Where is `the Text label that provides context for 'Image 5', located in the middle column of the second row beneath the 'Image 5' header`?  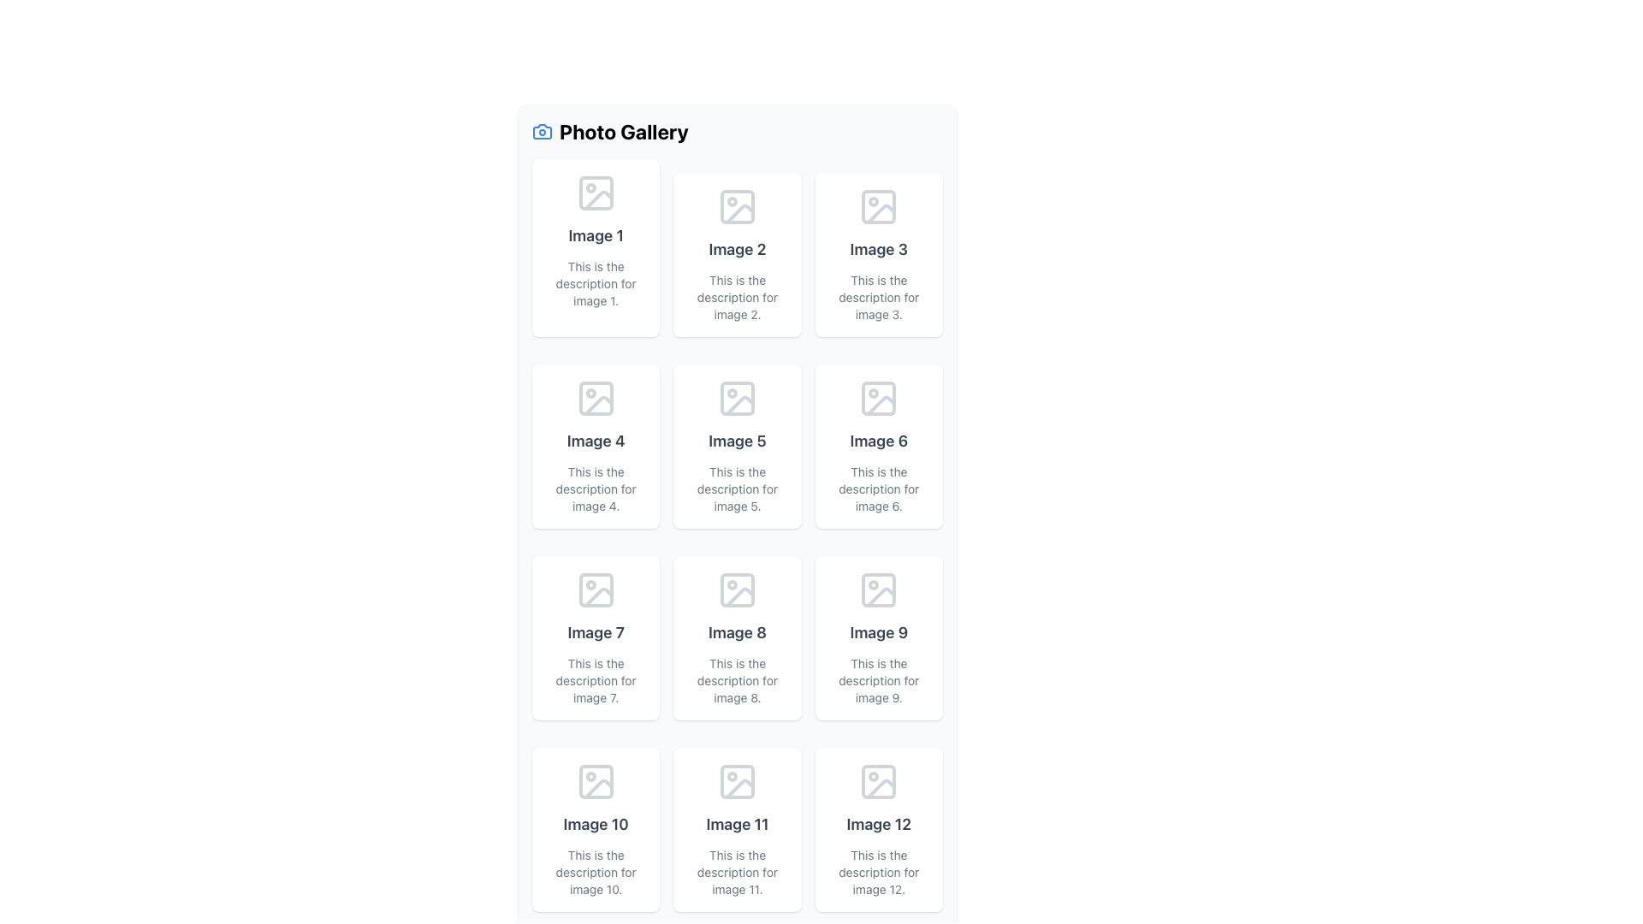 the Text label that provides context for 'Image 5', located in the middle column of the second row beneath the 'Image 5' header is located at coordinates (738, 489).